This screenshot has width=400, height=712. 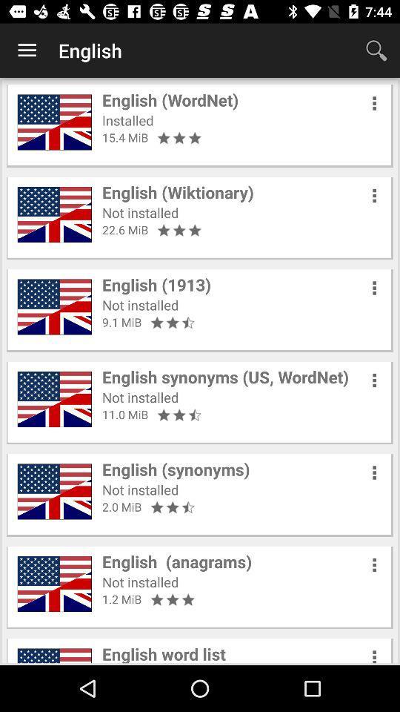 What do you see at coordinates (124, 229) in the screenshot?
I see `item below not installed` at bounding box center [124, 229].